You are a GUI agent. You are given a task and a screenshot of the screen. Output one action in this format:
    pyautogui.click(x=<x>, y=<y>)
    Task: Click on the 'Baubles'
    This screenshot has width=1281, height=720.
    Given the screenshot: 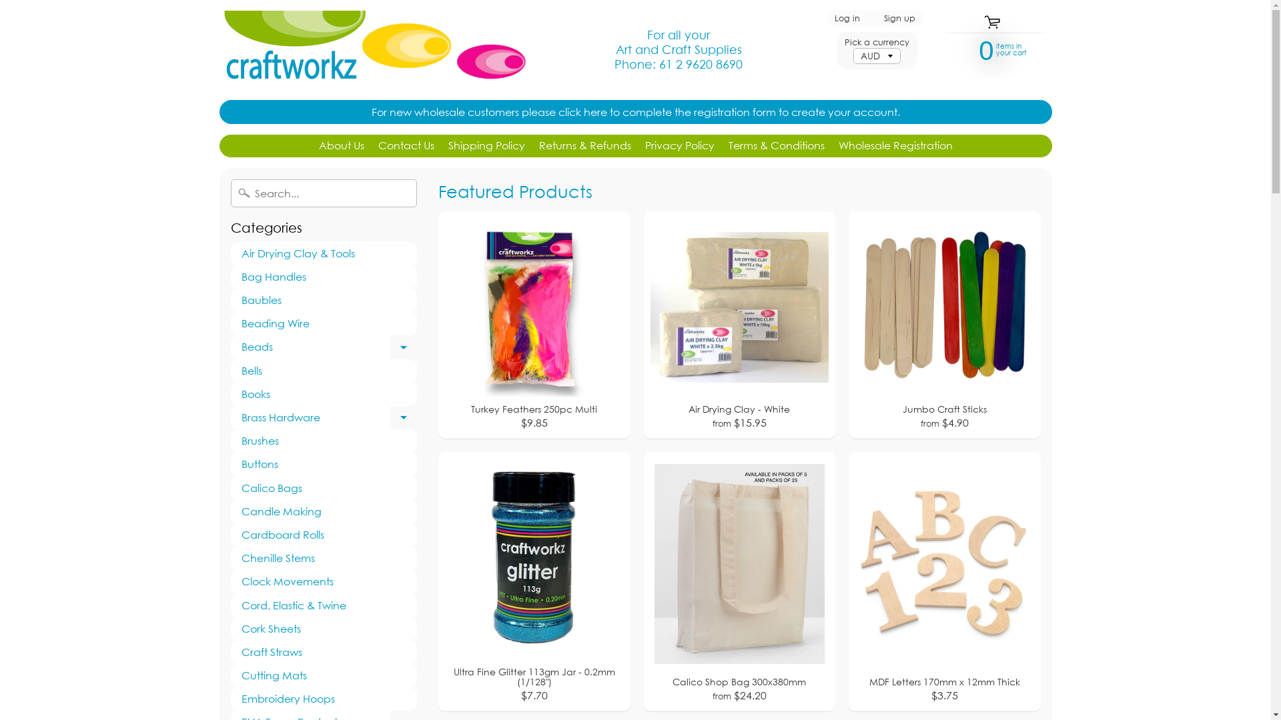 What is the action you would take?
    pyautogui.click(x=324, y=300)
    